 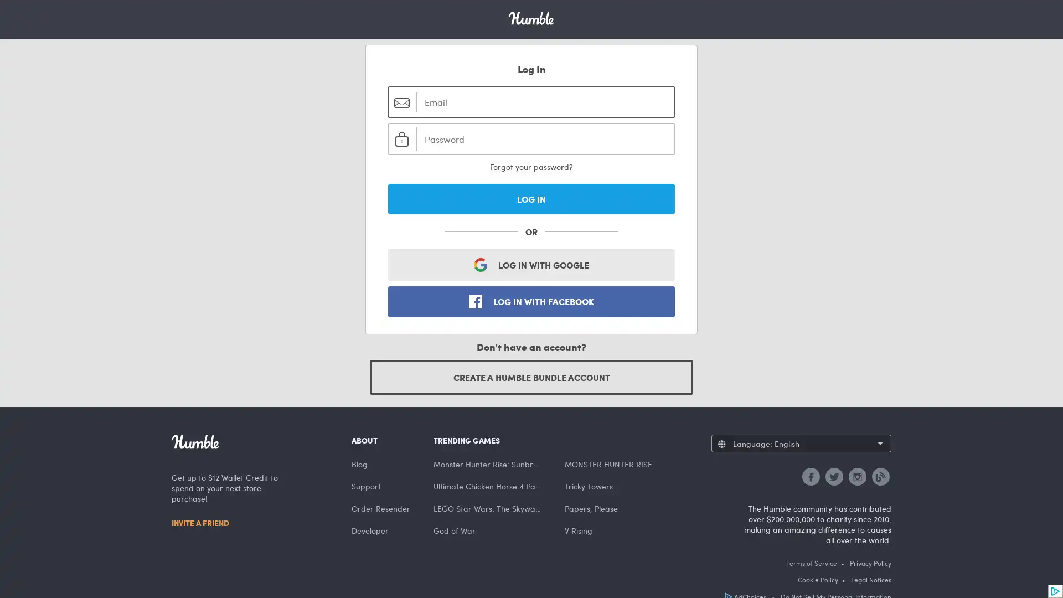 I want to click on LOG IN WITH FACEBOOK, so click(x=531, y=301).